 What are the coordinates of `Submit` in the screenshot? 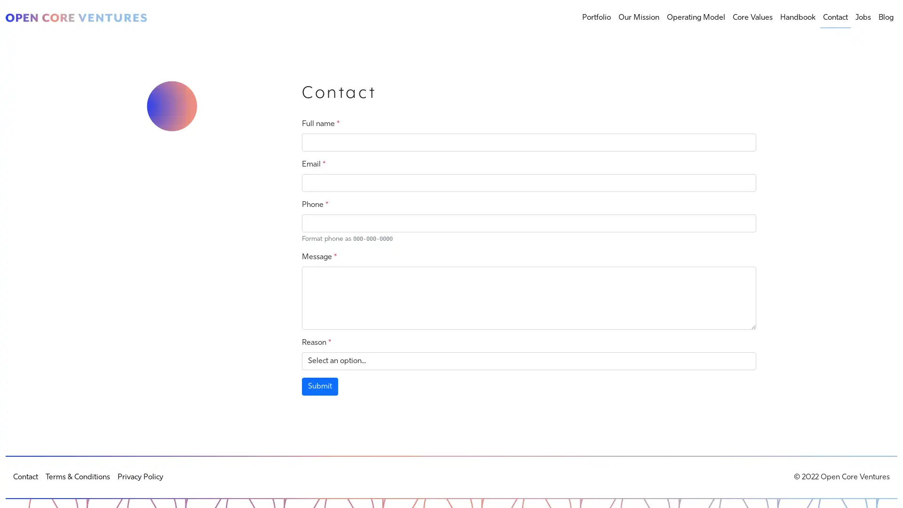 It's located at (320, 386).